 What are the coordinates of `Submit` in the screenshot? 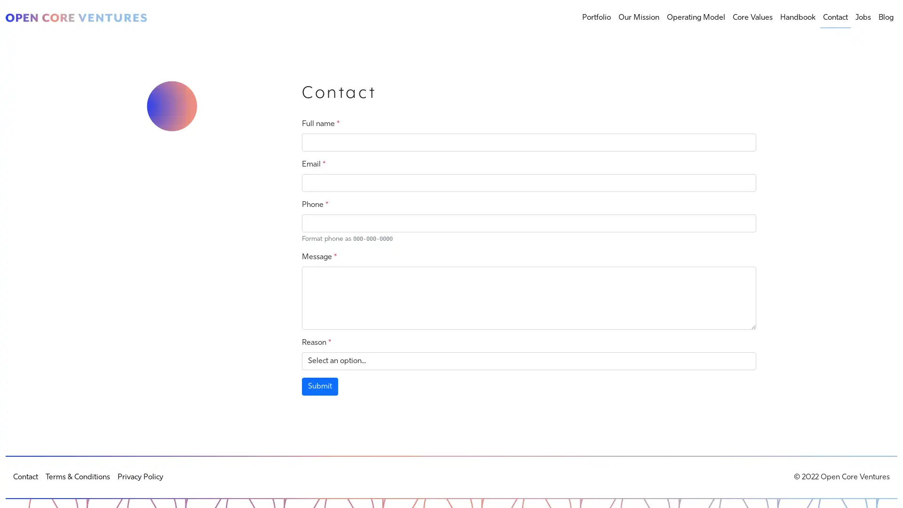 It's located at (320, 386).